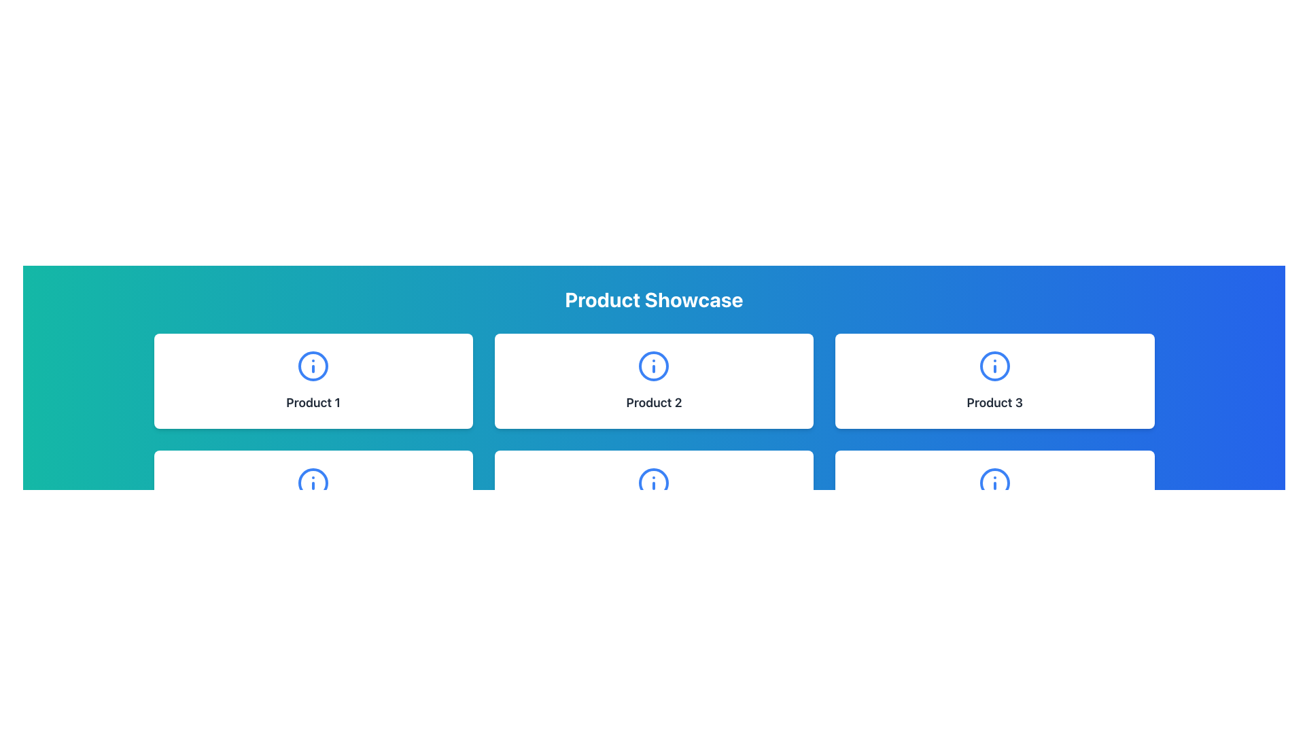 The width and height of the screenshot is (1305, 734). Describe the element at coordinates (313, 497) in the screenshot. I see `the card labeled 'Product 4' which is the fourth item in the grid layout located in the leftmost position of the second row` at that location.